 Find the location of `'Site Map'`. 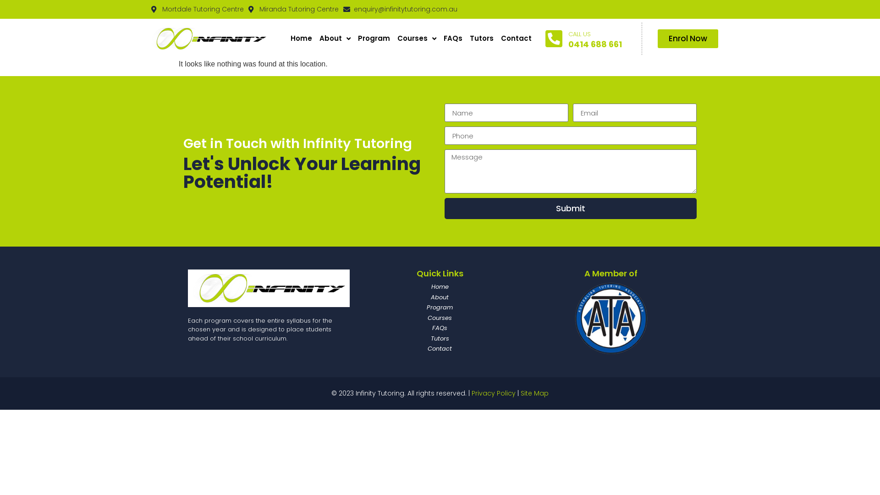

'Site Map' is located at coordinates (521, 392).